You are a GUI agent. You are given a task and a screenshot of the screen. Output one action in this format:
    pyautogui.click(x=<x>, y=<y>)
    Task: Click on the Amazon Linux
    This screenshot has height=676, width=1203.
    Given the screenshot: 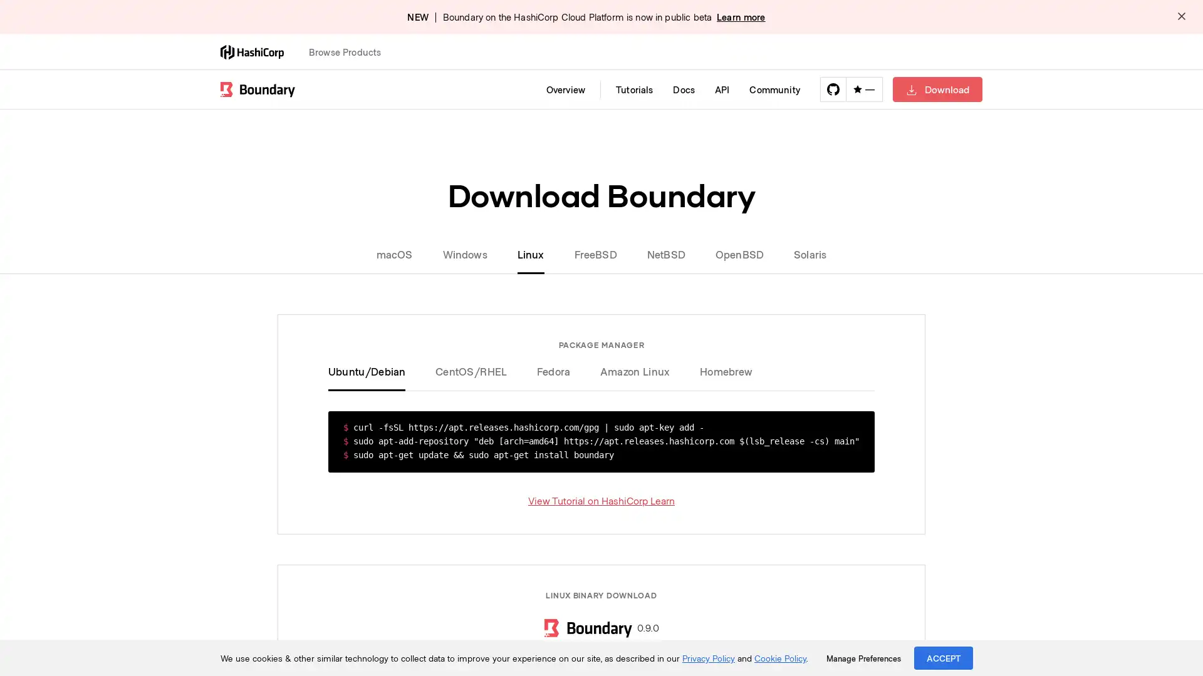 What is the action you would take?
    pyautogui.click(x=635, y=371)
    